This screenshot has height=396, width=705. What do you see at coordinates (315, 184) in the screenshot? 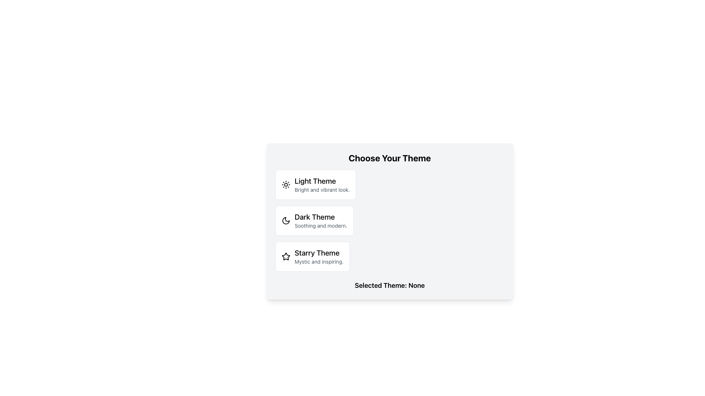
I see `the 'Light Theme' button, which is a rectangular button with rounded corners, a white background, and an icon of a sun` at bounding box center [315, 184].